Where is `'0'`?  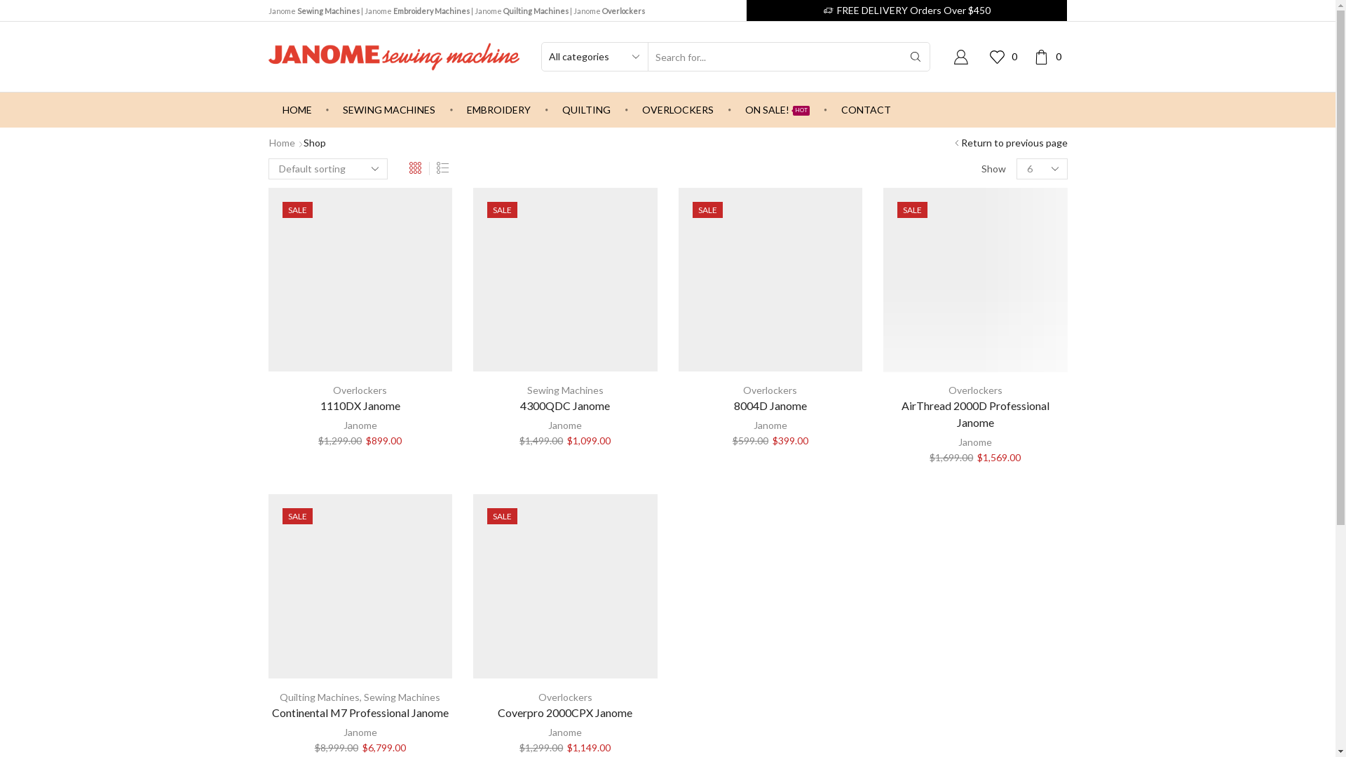
'0' is located at coordinates (1050, 55).